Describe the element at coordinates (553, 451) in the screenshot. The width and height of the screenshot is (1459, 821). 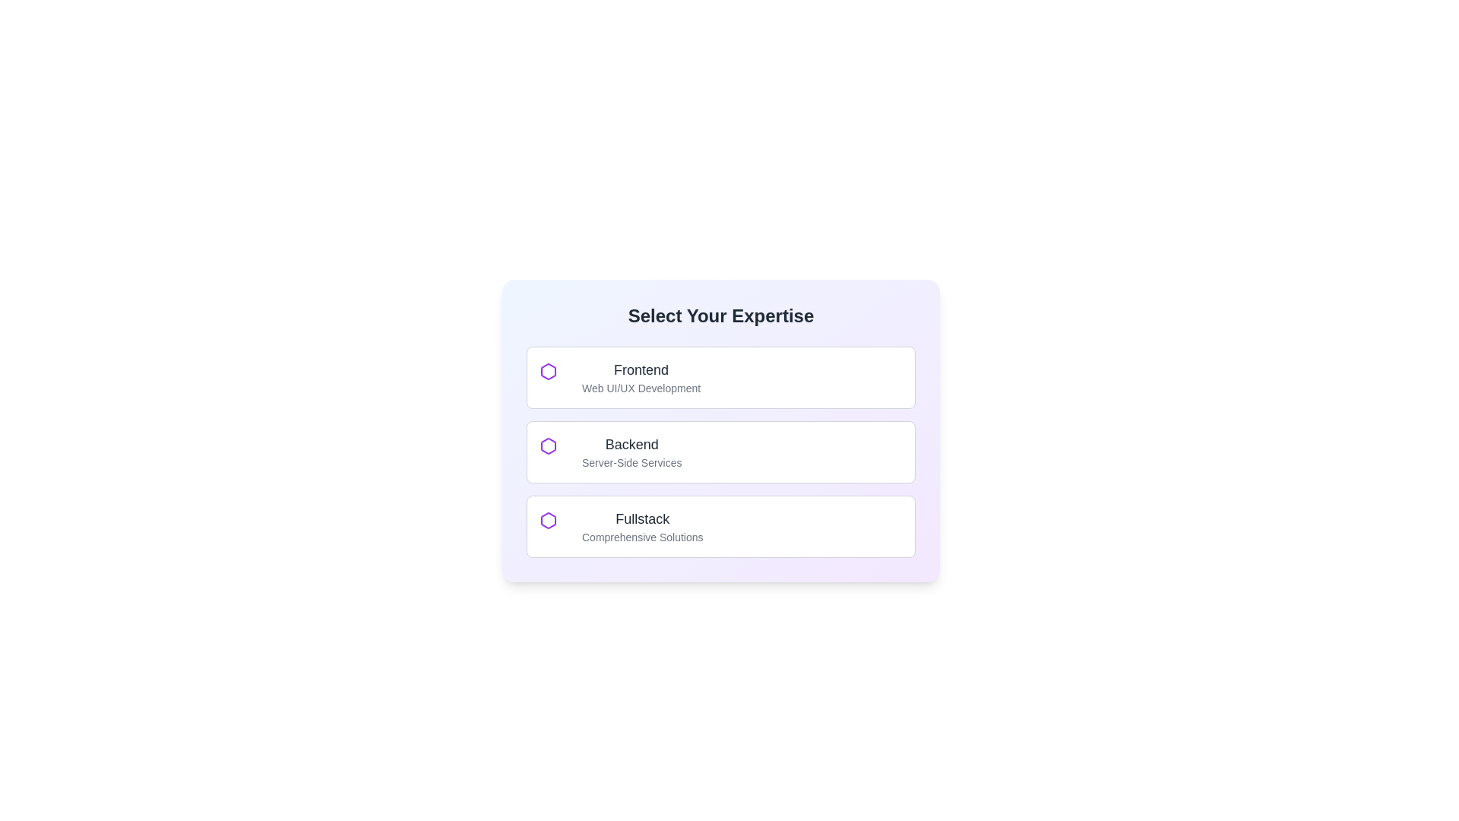
I see `the visually distinct hexagon icon with a purple outline located to the left of the 'Backend' text` at that location.